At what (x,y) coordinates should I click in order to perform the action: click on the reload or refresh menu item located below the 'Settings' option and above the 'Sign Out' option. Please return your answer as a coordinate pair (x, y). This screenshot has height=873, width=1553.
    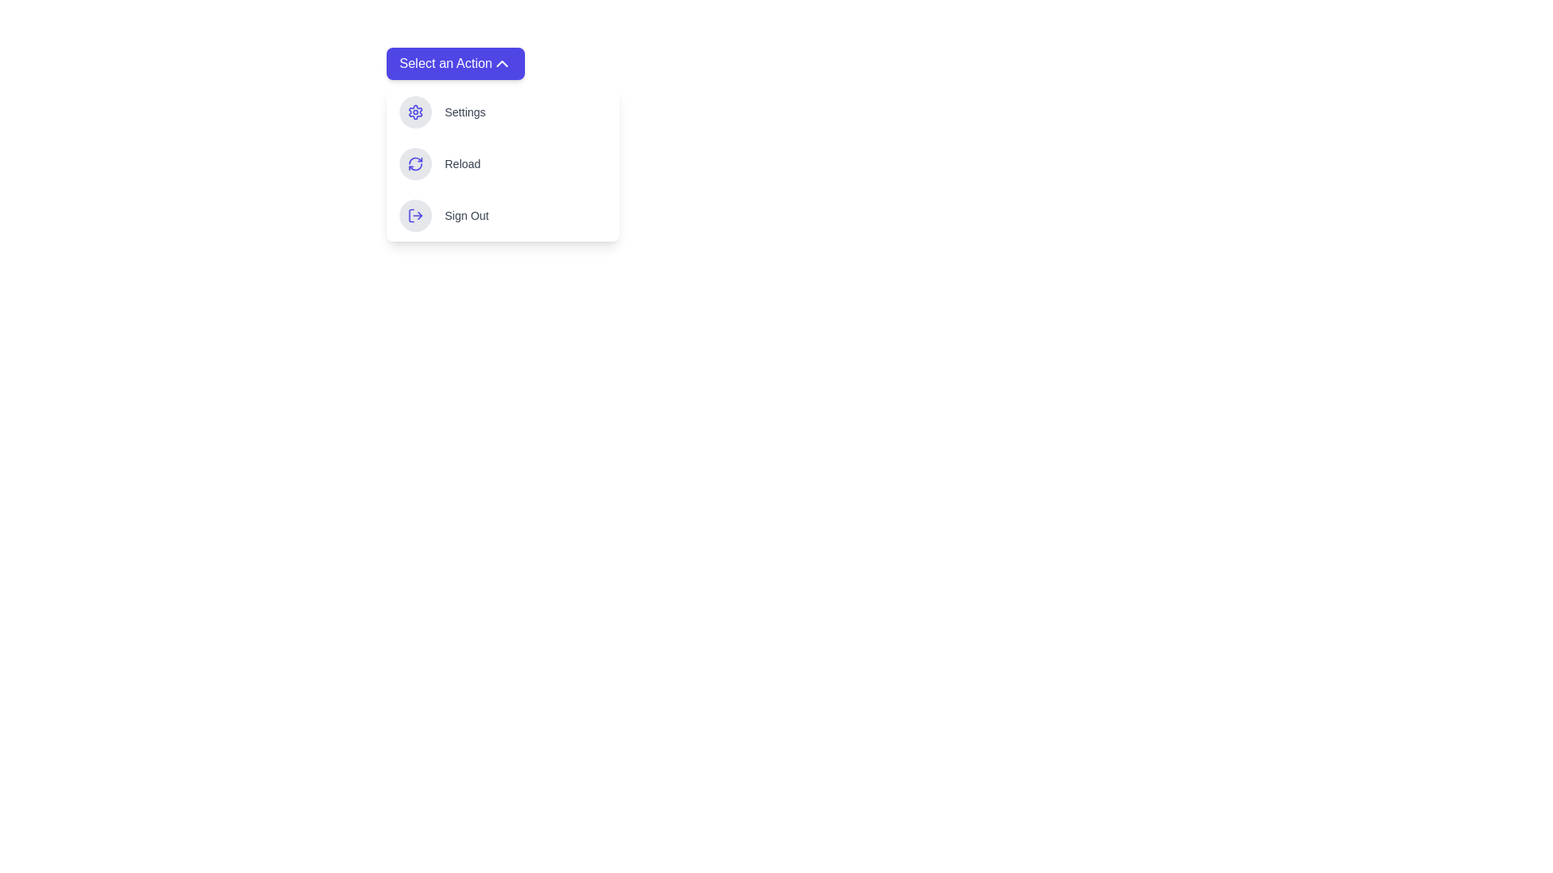
    Looking at the image, I should click on (502, 164).